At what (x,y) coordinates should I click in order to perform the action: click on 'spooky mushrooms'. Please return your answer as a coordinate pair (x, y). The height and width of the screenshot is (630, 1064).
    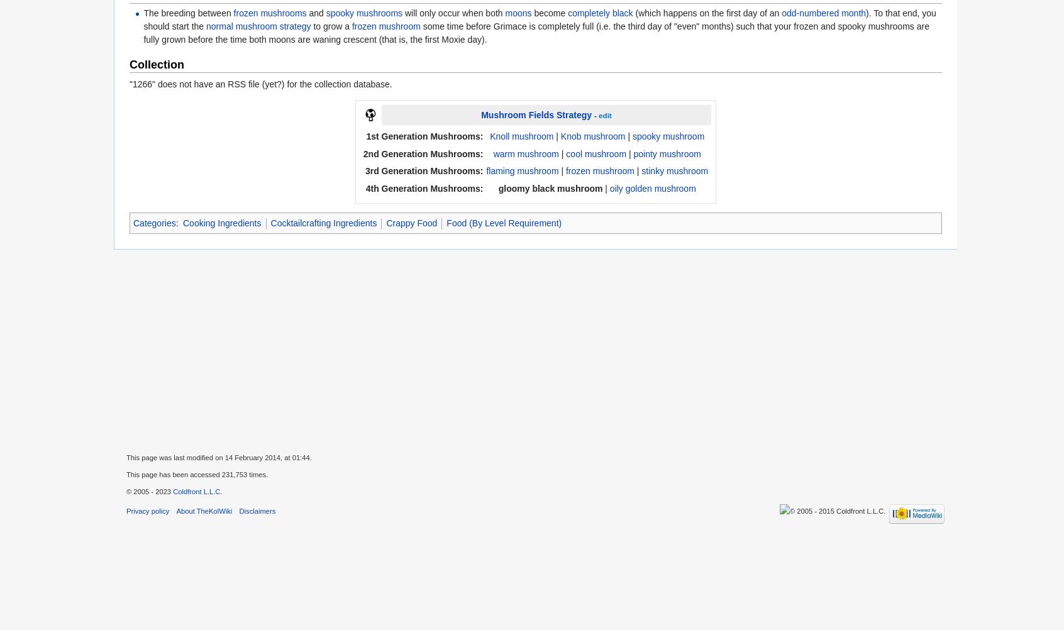
    Looking at the image, I should click on (363, 13).